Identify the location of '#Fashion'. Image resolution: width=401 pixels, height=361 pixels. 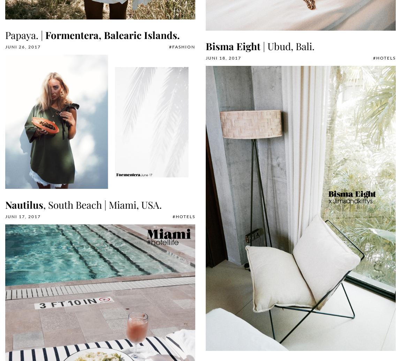
(182, 47).